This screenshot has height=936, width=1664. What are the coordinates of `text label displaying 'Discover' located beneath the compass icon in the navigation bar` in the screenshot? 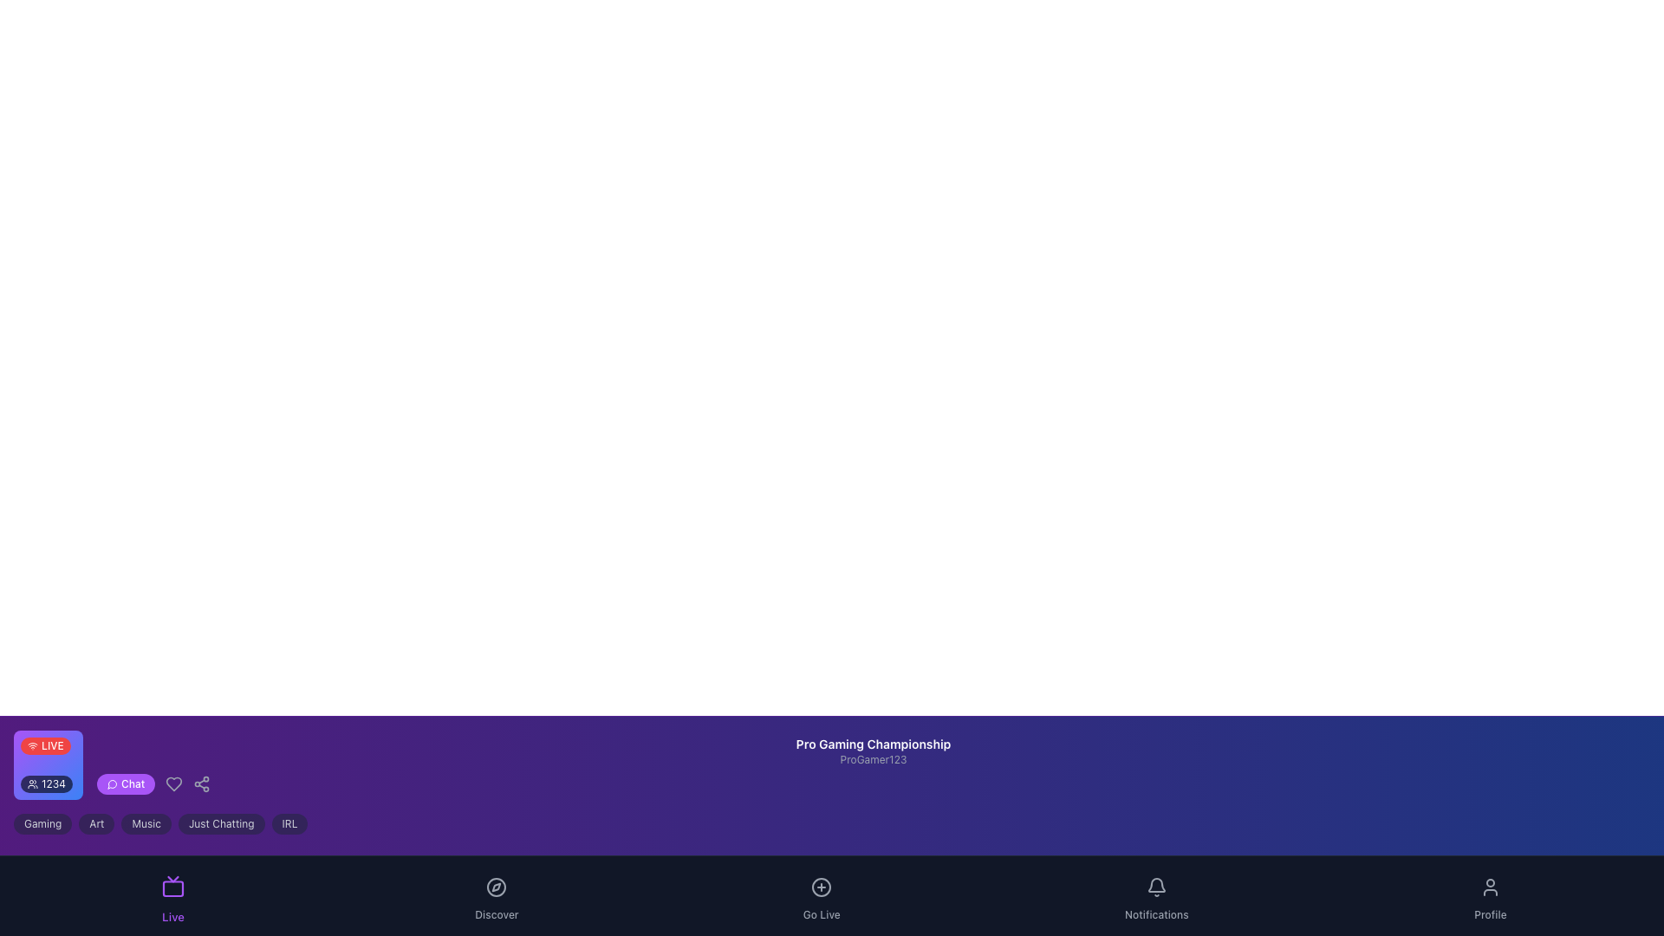 It's located at (496, 914).